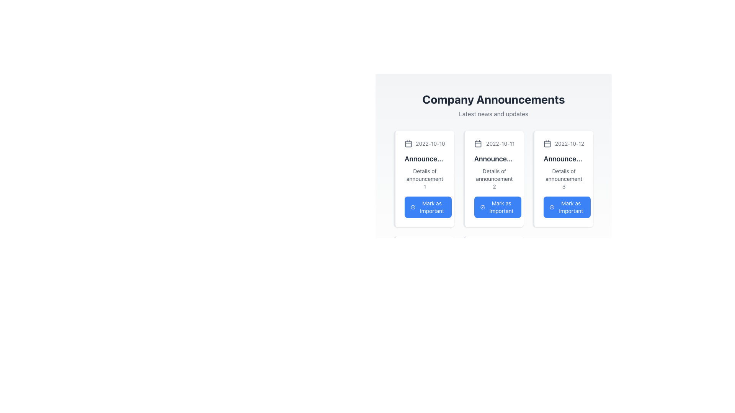 This screenshot has width=735, height=413. Describe the element at coordinates (477, 144) in the screenshot. I see `the graphical icon component representing the selected date in the calendar, located above the text '2022-10-11'` at that location.